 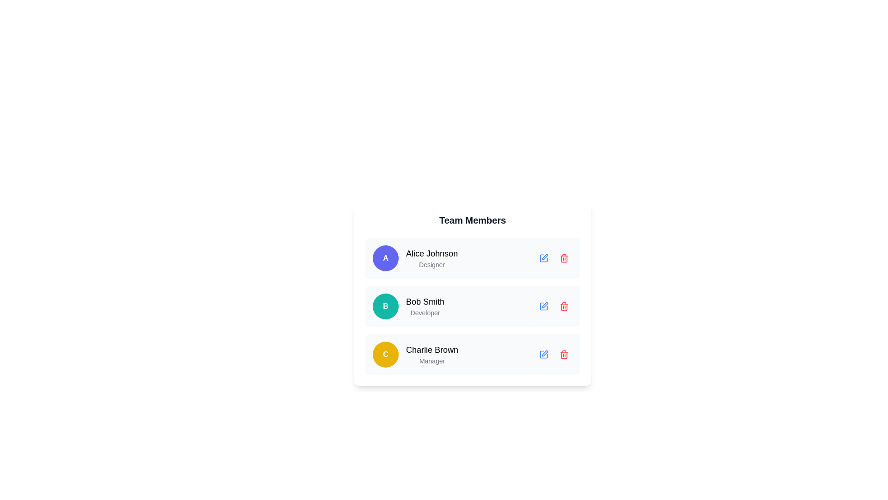 I want to click on the blue pen icon in the third row for 'Charlie Brown - Manager', so click(x=544, y=354).